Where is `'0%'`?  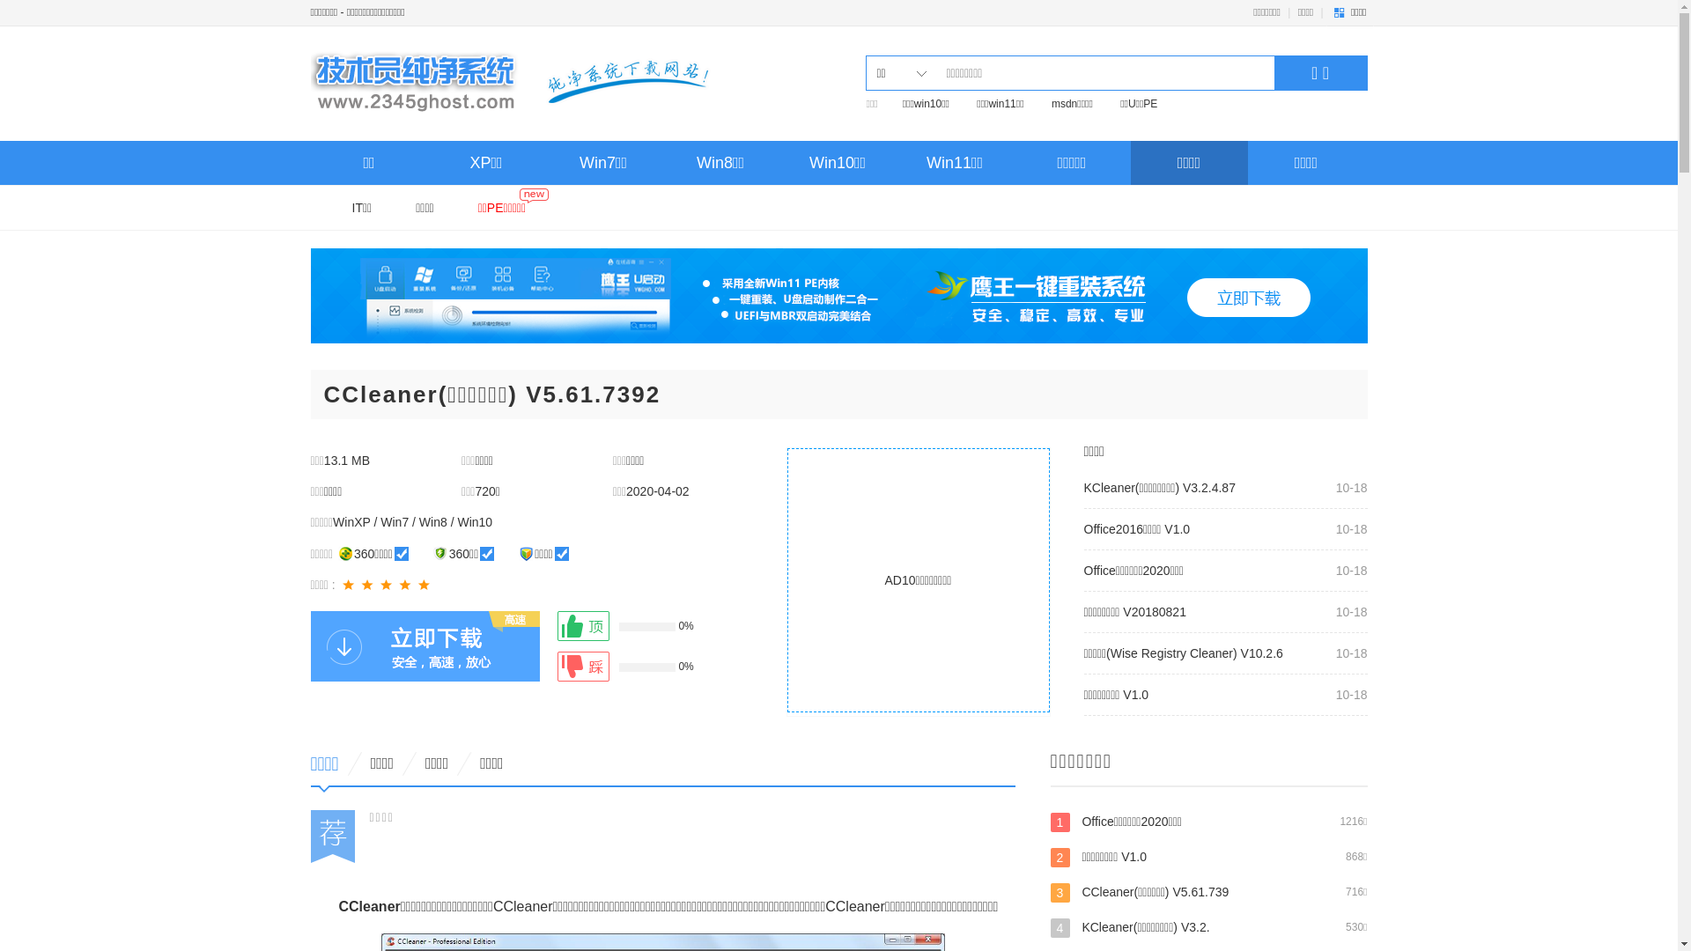 '0%' is located at coordinates (556, 624).